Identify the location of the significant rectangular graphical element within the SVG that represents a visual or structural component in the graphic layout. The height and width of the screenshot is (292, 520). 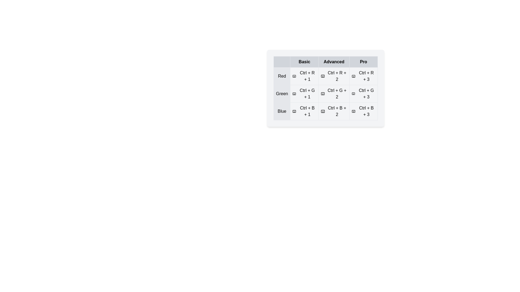
(294, 111).